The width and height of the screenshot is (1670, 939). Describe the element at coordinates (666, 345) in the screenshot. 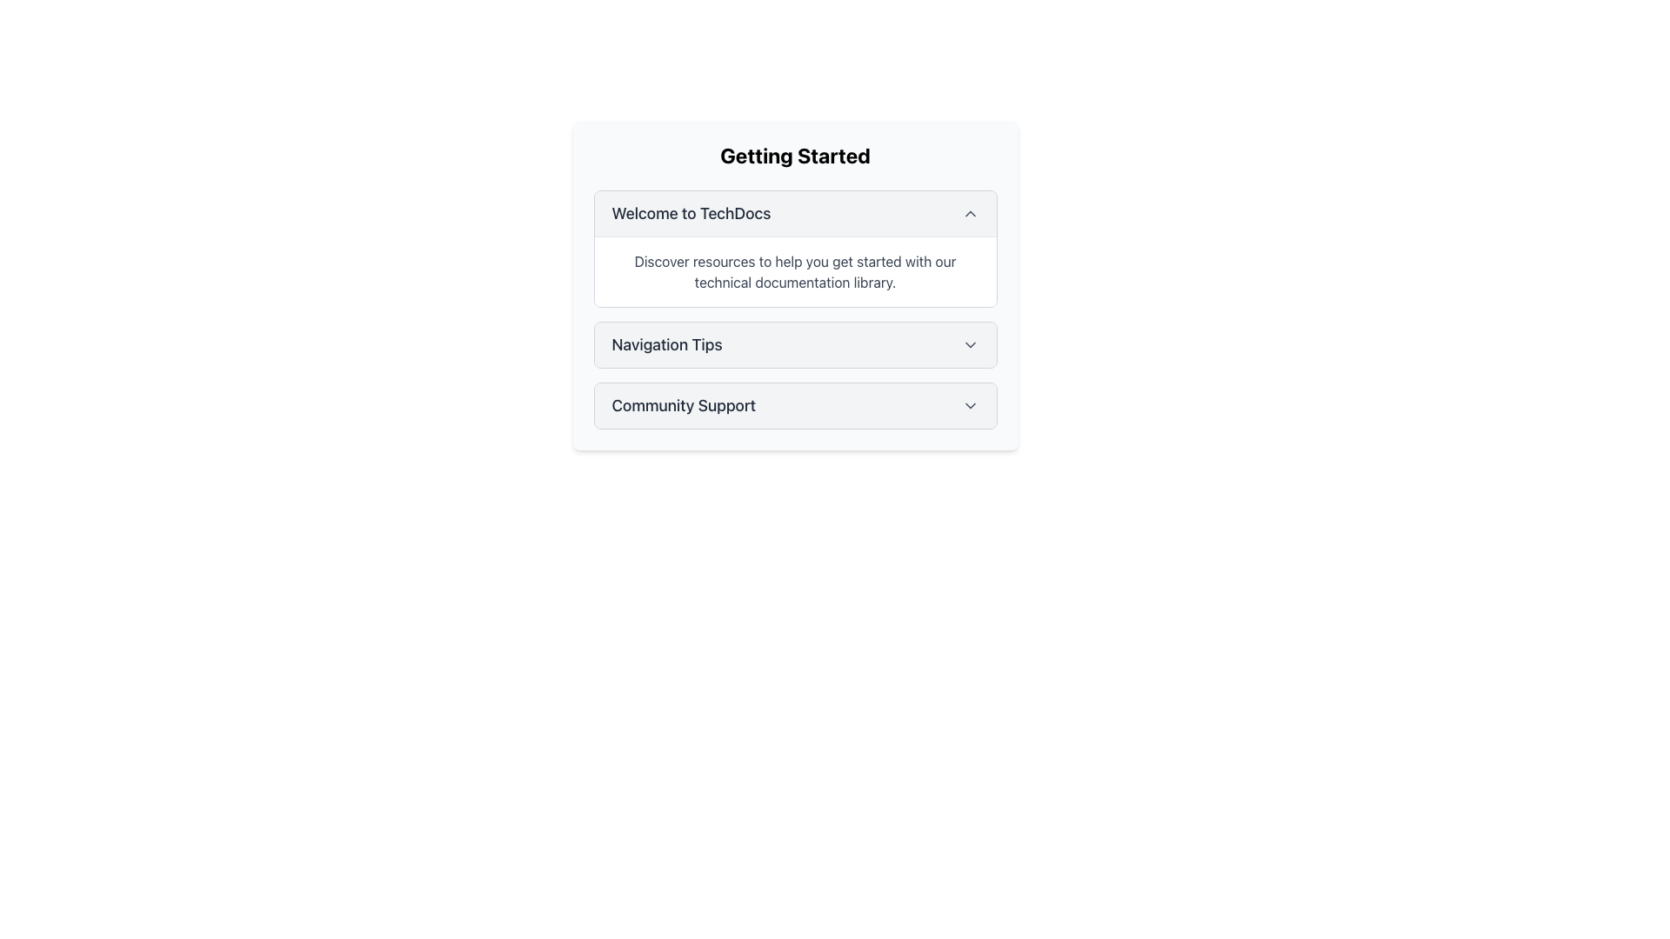

I see `the Text Label that indicates 'Navigation Tips', which is positioned centrally in the interface beneath 'Getting Started' and above 'Community Support'` at that location.